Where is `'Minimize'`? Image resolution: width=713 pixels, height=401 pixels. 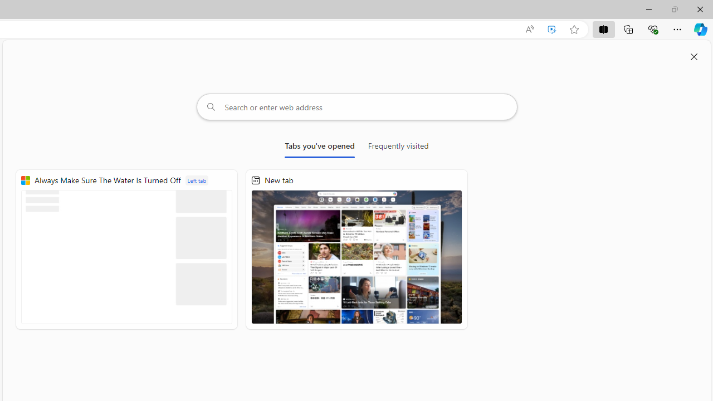
'Minimize' is located at coordinates (648, 9).